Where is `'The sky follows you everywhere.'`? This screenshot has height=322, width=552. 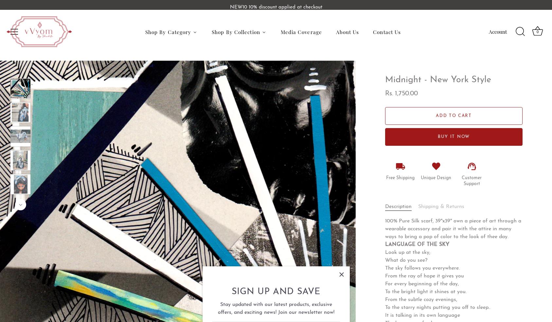
'The sky follows you everywhere.' is located at coordinates (422, 268).